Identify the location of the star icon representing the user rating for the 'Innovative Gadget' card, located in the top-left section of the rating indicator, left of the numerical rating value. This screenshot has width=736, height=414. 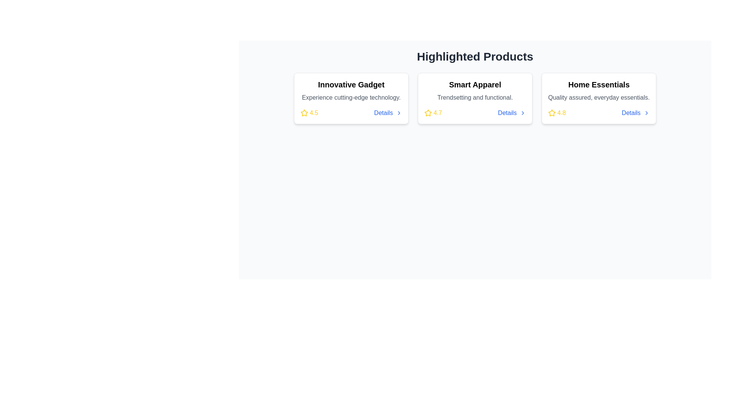
(304, 113).